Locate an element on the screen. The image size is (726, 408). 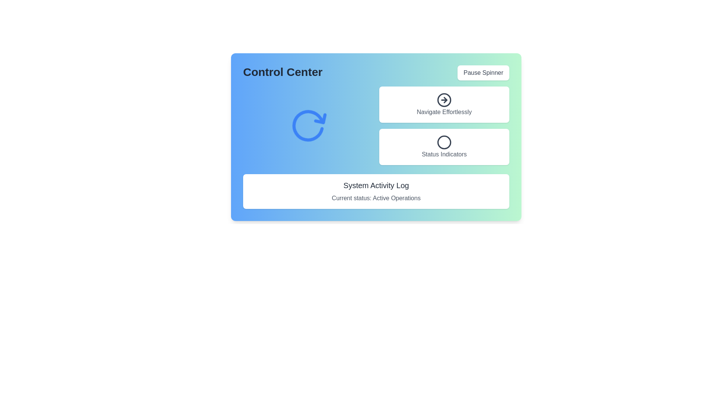
the navigation icon located within the white card labeled 'Navigate Effortlessly', positioned above the 'Status Indicators' card is located at coordinates (444, 100).